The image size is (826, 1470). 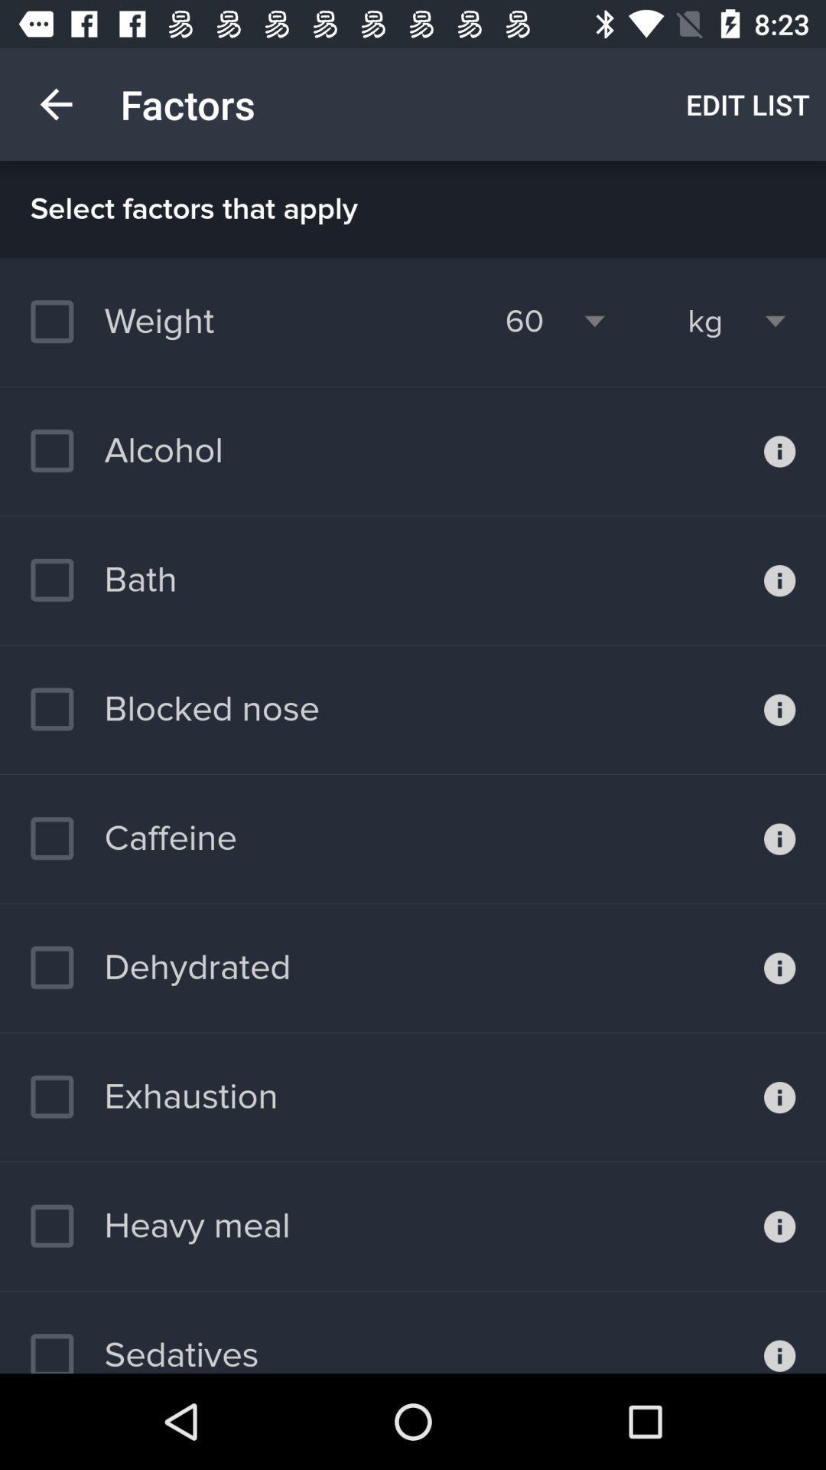 What do you see at coordinates (705, 321) in the screenshot?
I see `the icon to the right of 60` at bounding box center [705, 321].